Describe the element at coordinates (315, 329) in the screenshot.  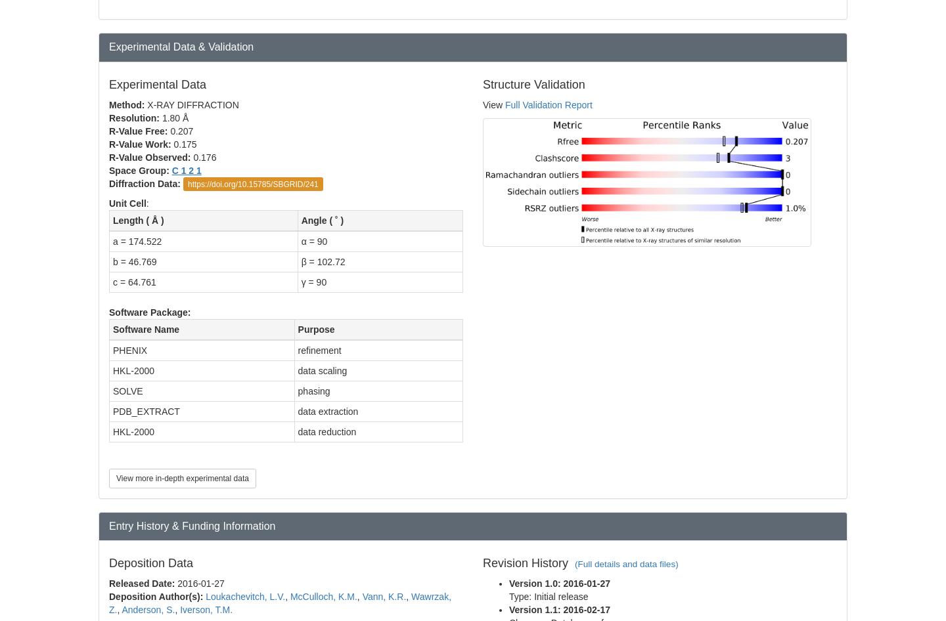
I see `'Purpose'` at that location.